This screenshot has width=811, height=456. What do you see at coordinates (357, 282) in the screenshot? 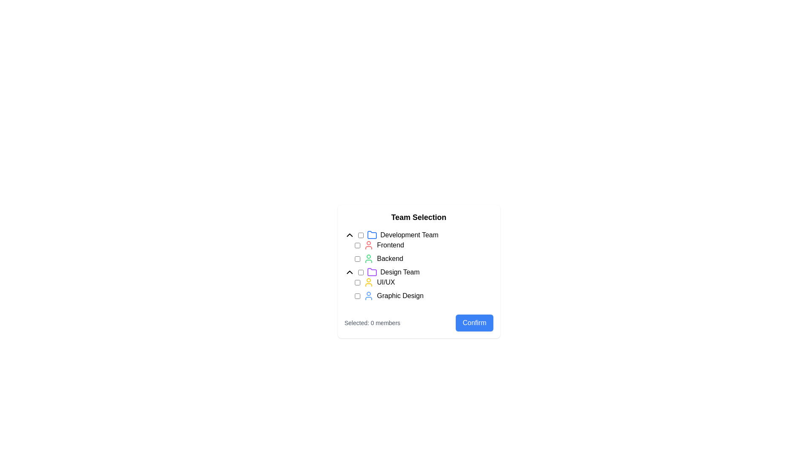
I see `the small square checkbox located next to the label 'UI/UX' in the 'Design Team' section` at bounding box center [357, 282].